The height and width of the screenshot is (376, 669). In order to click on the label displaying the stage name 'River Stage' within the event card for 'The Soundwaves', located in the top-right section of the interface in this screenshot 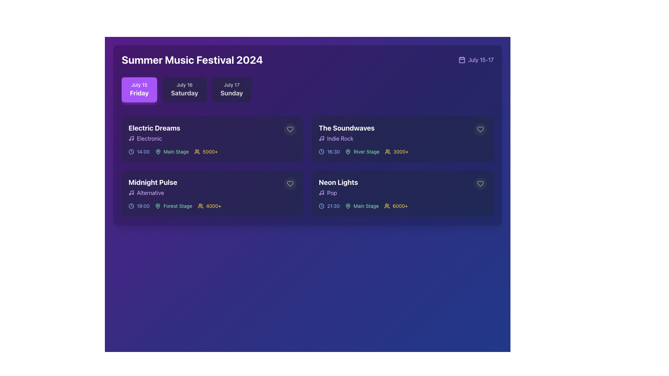, I will do `click(362, 151)`.